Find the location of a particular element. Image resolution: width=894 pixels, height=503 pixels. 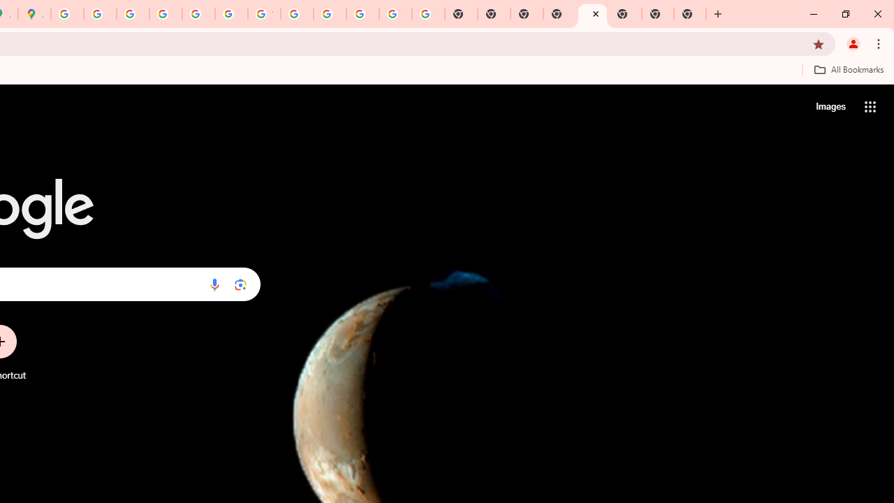

'New Tab' is located at coordinates (592, 14).